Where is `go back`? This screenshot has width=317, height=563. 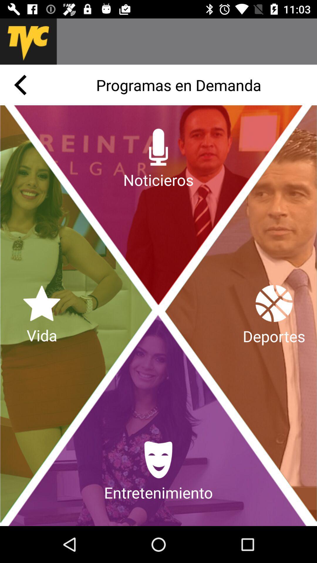
go back is located at coordinates (20, 84).